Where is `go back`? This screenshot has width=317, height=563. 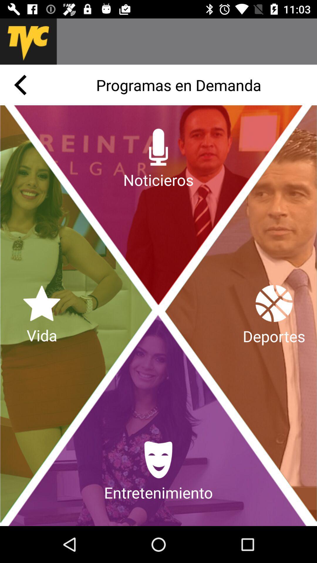
go back is located at coordinates (20, 84).